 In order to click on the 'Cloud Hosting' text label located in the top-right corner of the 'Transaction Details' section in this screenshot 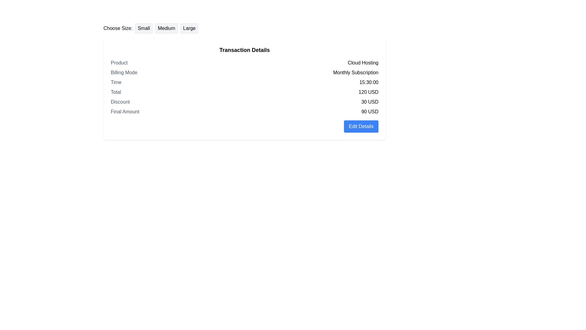, I will do `click(363, 63)`.